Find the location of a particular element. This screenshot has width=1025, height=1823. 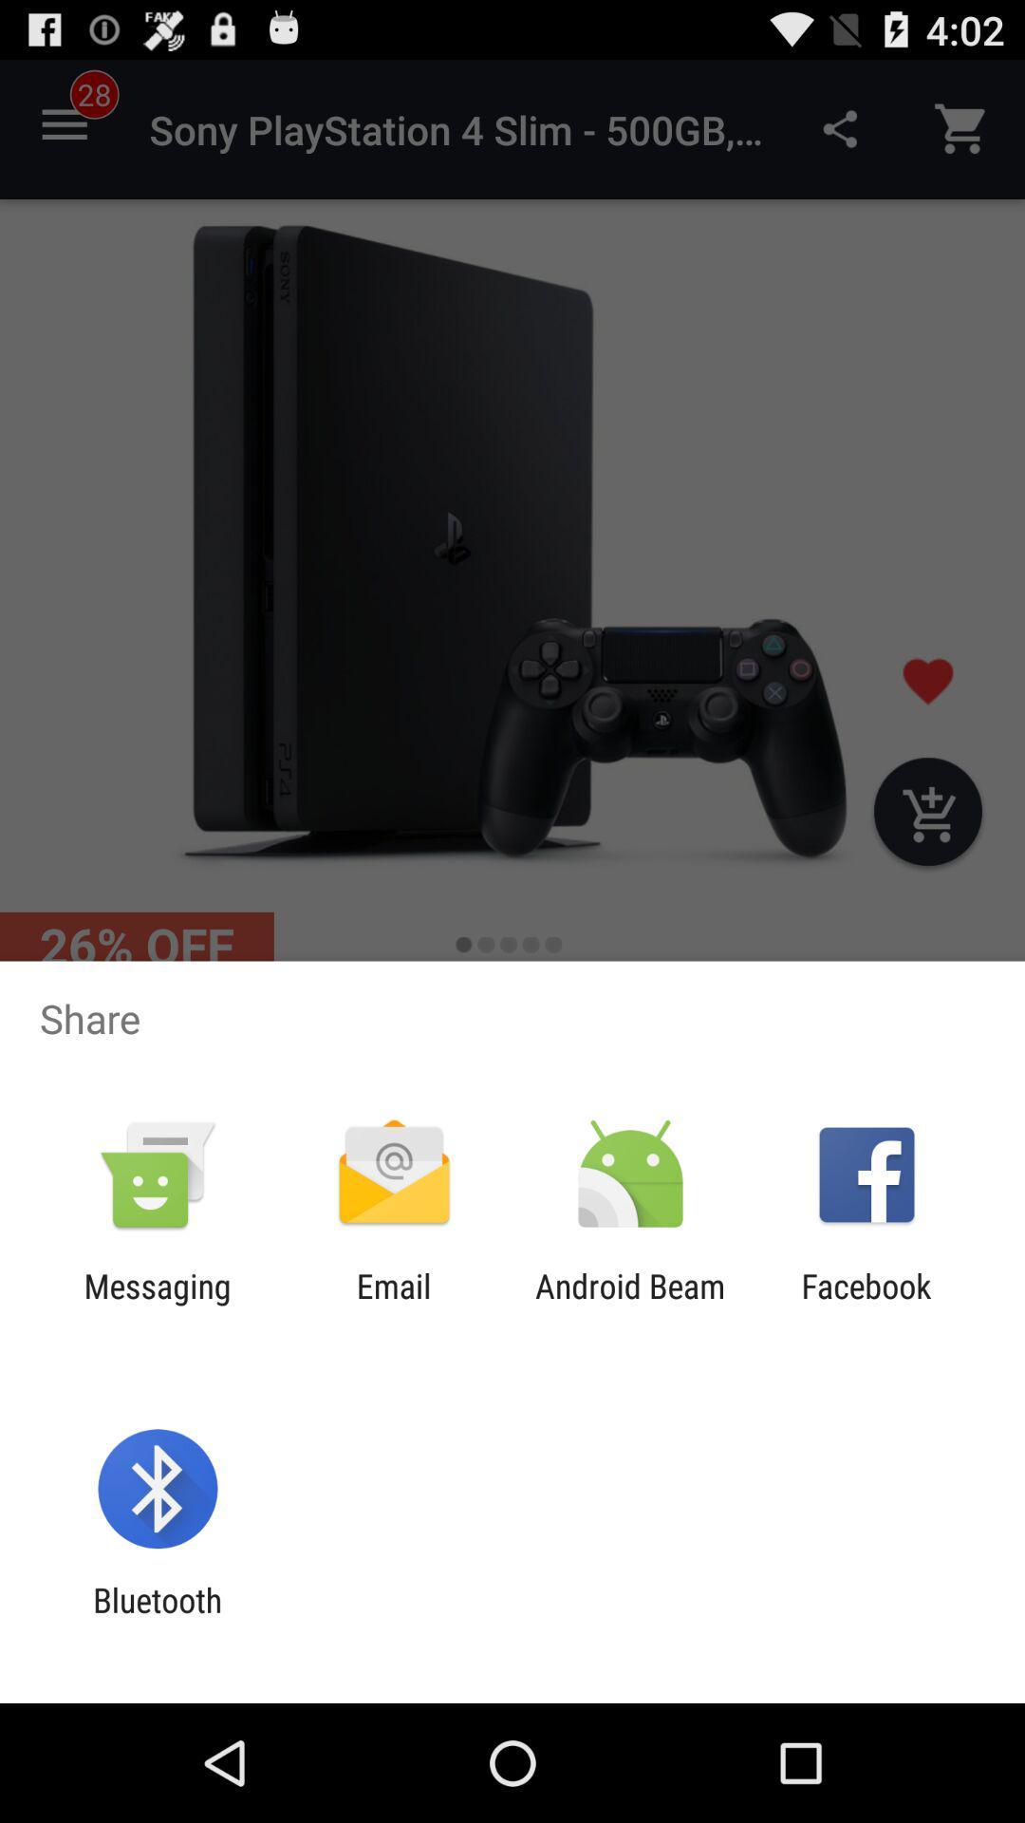

icon next to the android beam is located at coordinates (867, 1305).